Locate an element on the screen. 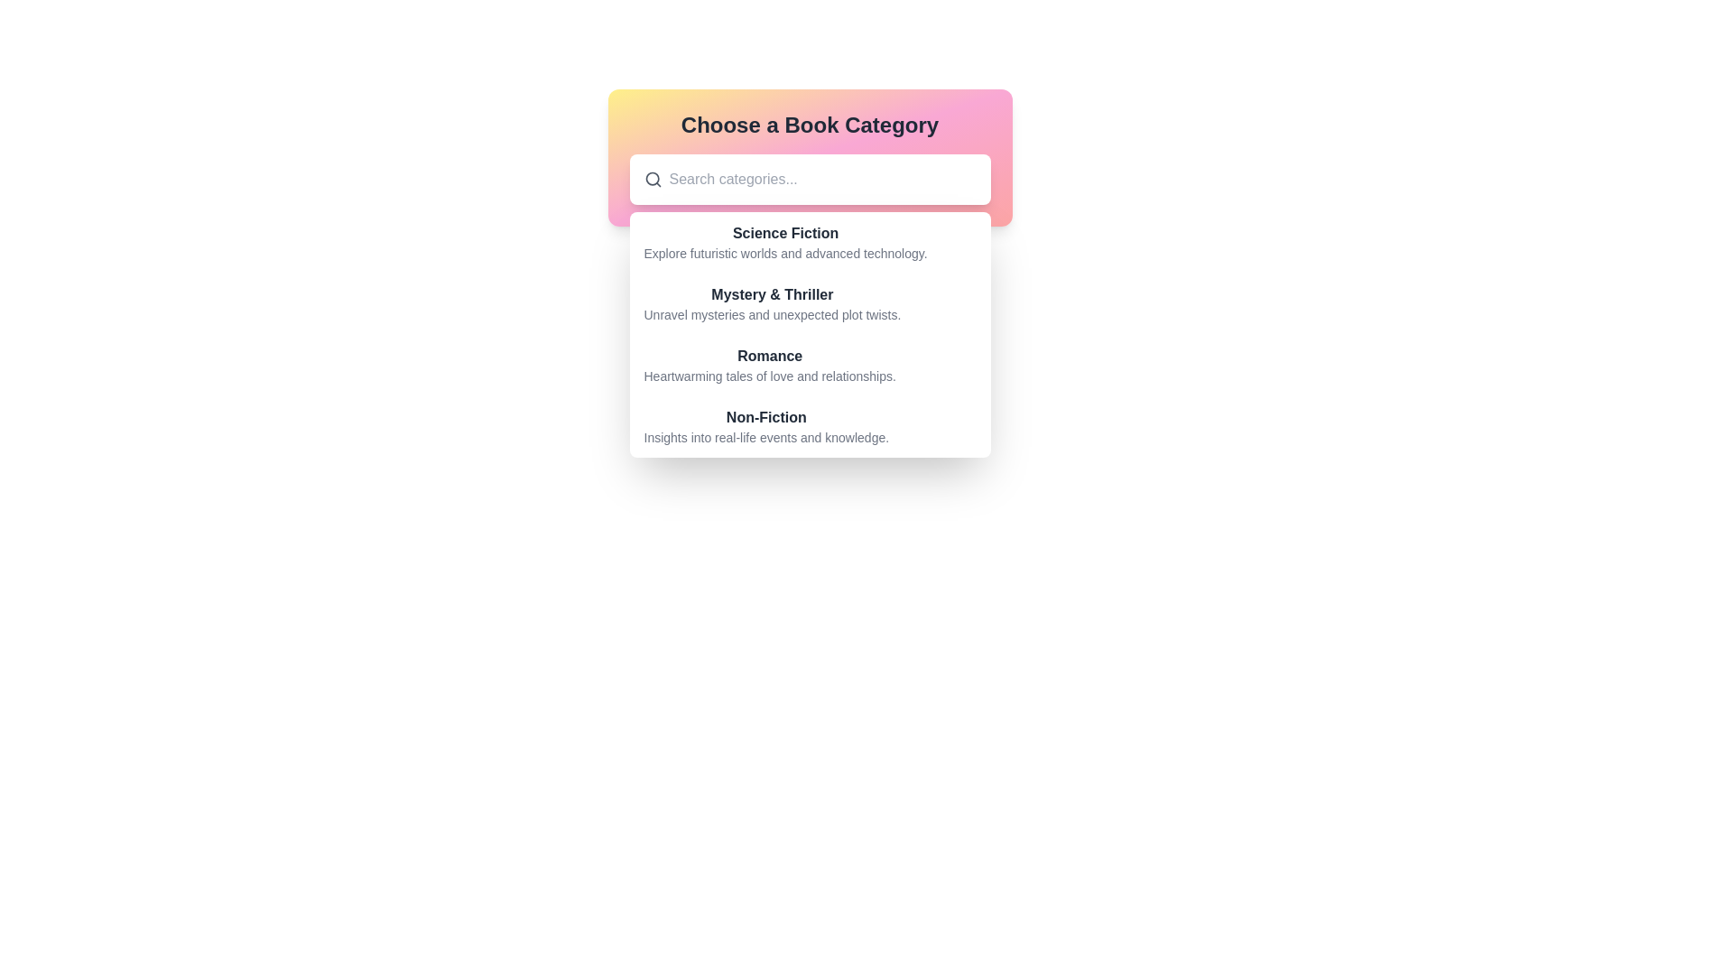 The image size is (1733, 975). the list item titled 'Mystery & Thriller' is located at coordinates (809, 302).